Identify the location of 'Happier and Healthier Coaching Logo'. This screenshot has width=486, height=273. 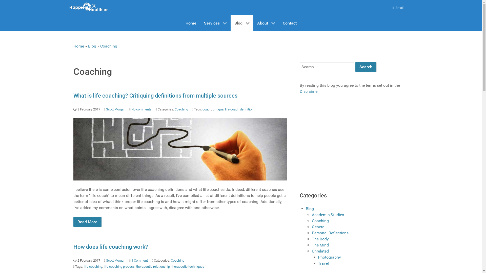
(69, 7).